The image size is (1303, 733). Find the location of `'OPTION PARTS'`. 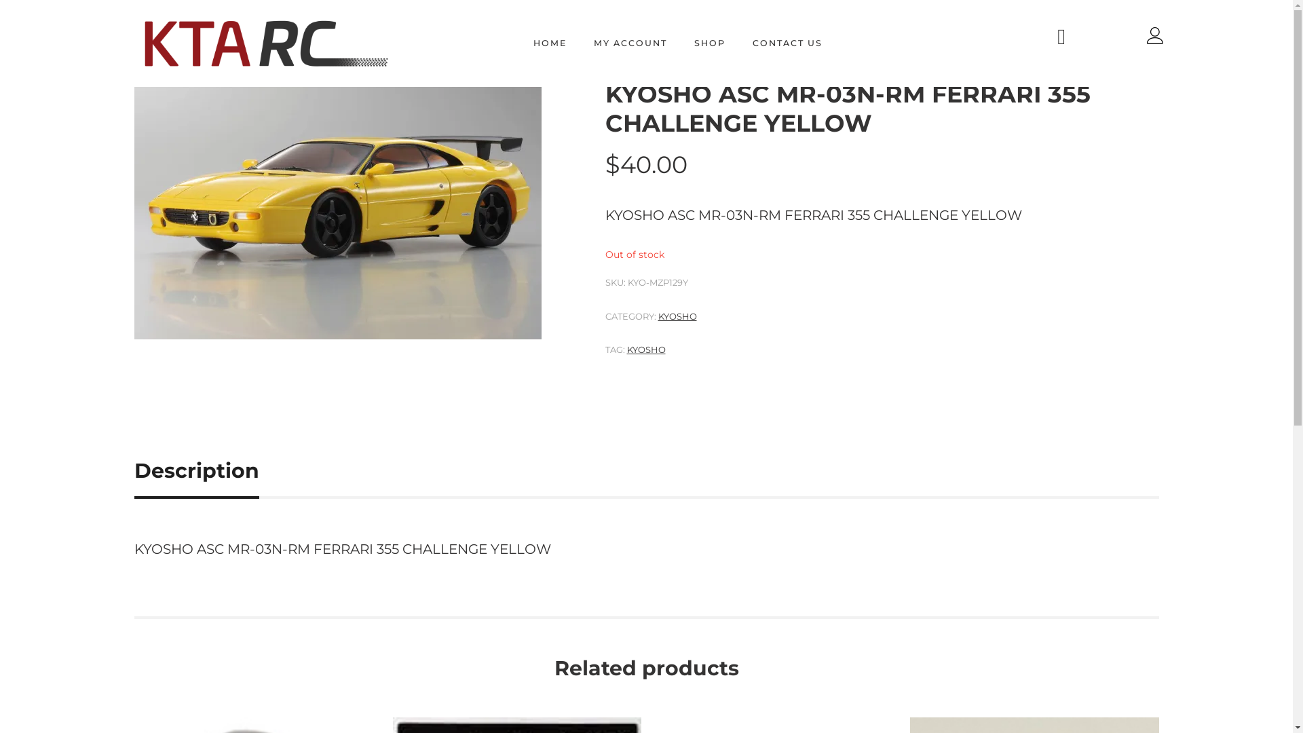

'OPTION PARTS' is located at coordinates (687, 54).